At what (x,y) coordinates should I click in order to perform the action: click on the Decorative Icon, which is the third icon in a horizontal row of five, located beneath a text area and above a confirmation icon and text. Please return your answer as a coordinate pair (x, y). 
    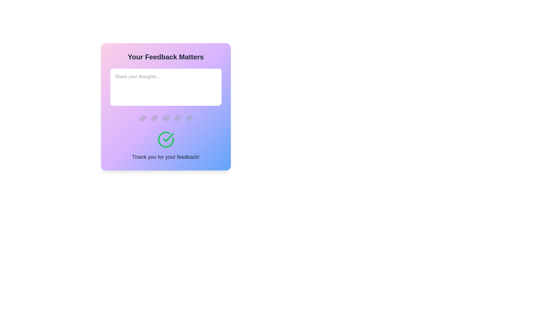
    Looking at the image, I should click on (165, 118).